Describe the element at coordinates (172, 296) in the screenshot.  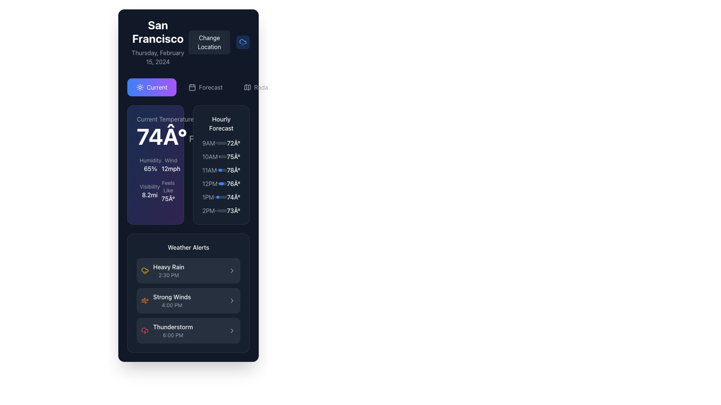
I see `the 'Strong Winds' text label in the 'Weather Alerts' section, which is styled in white font on a dark background, positioned centrally between 'Heavy Rain' and 'Thunderstorm'` at that location.